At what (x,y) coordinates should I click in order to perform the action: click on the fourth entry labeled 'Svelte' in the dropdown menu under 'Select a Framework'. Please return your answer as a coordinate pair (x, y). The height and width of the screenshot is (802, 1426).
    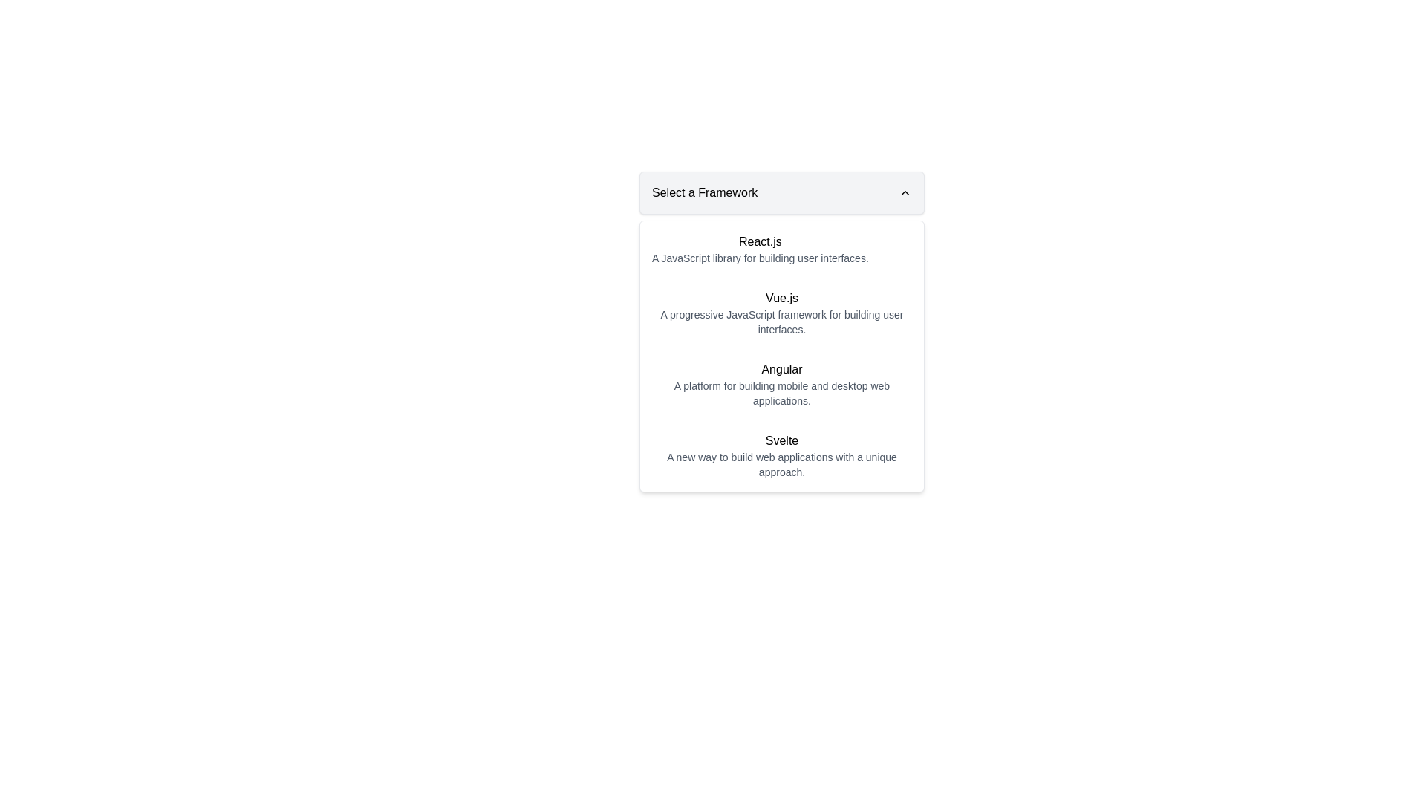
    Looking at the image, I should click on (781, 454).